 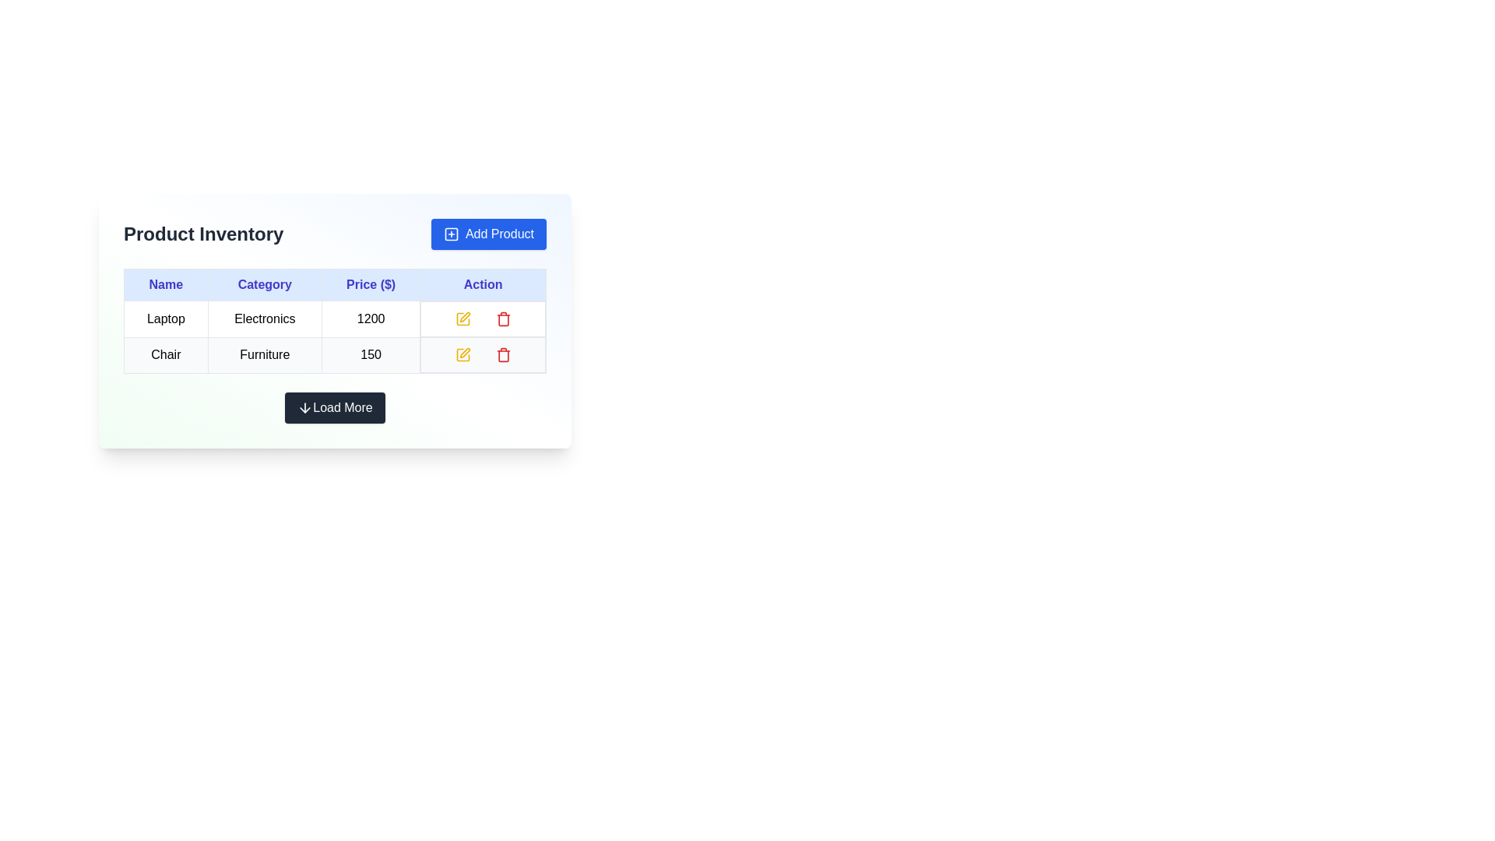 What do you see at coordinates (462, 354) in the screenshot?
I see `the icon-like graphical element` at bounding box center [462, 354].